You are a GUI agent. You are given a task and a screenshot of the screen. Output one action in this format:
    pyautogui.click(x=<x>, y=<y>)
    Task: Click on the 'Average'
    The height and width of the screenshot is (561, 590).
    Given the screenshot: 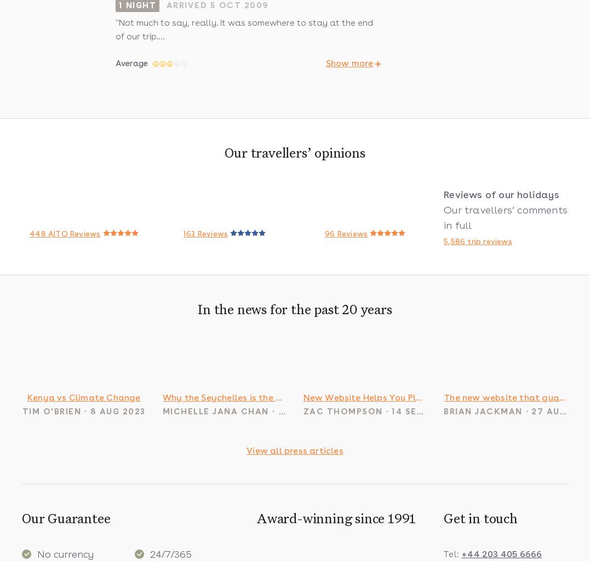 What is the action you would take?
    pyautogui.click(x=131, y=63)
    